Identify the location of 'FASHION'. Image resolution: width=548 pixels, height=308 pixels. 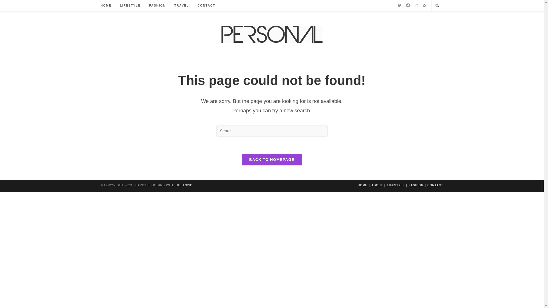
(157, 5).